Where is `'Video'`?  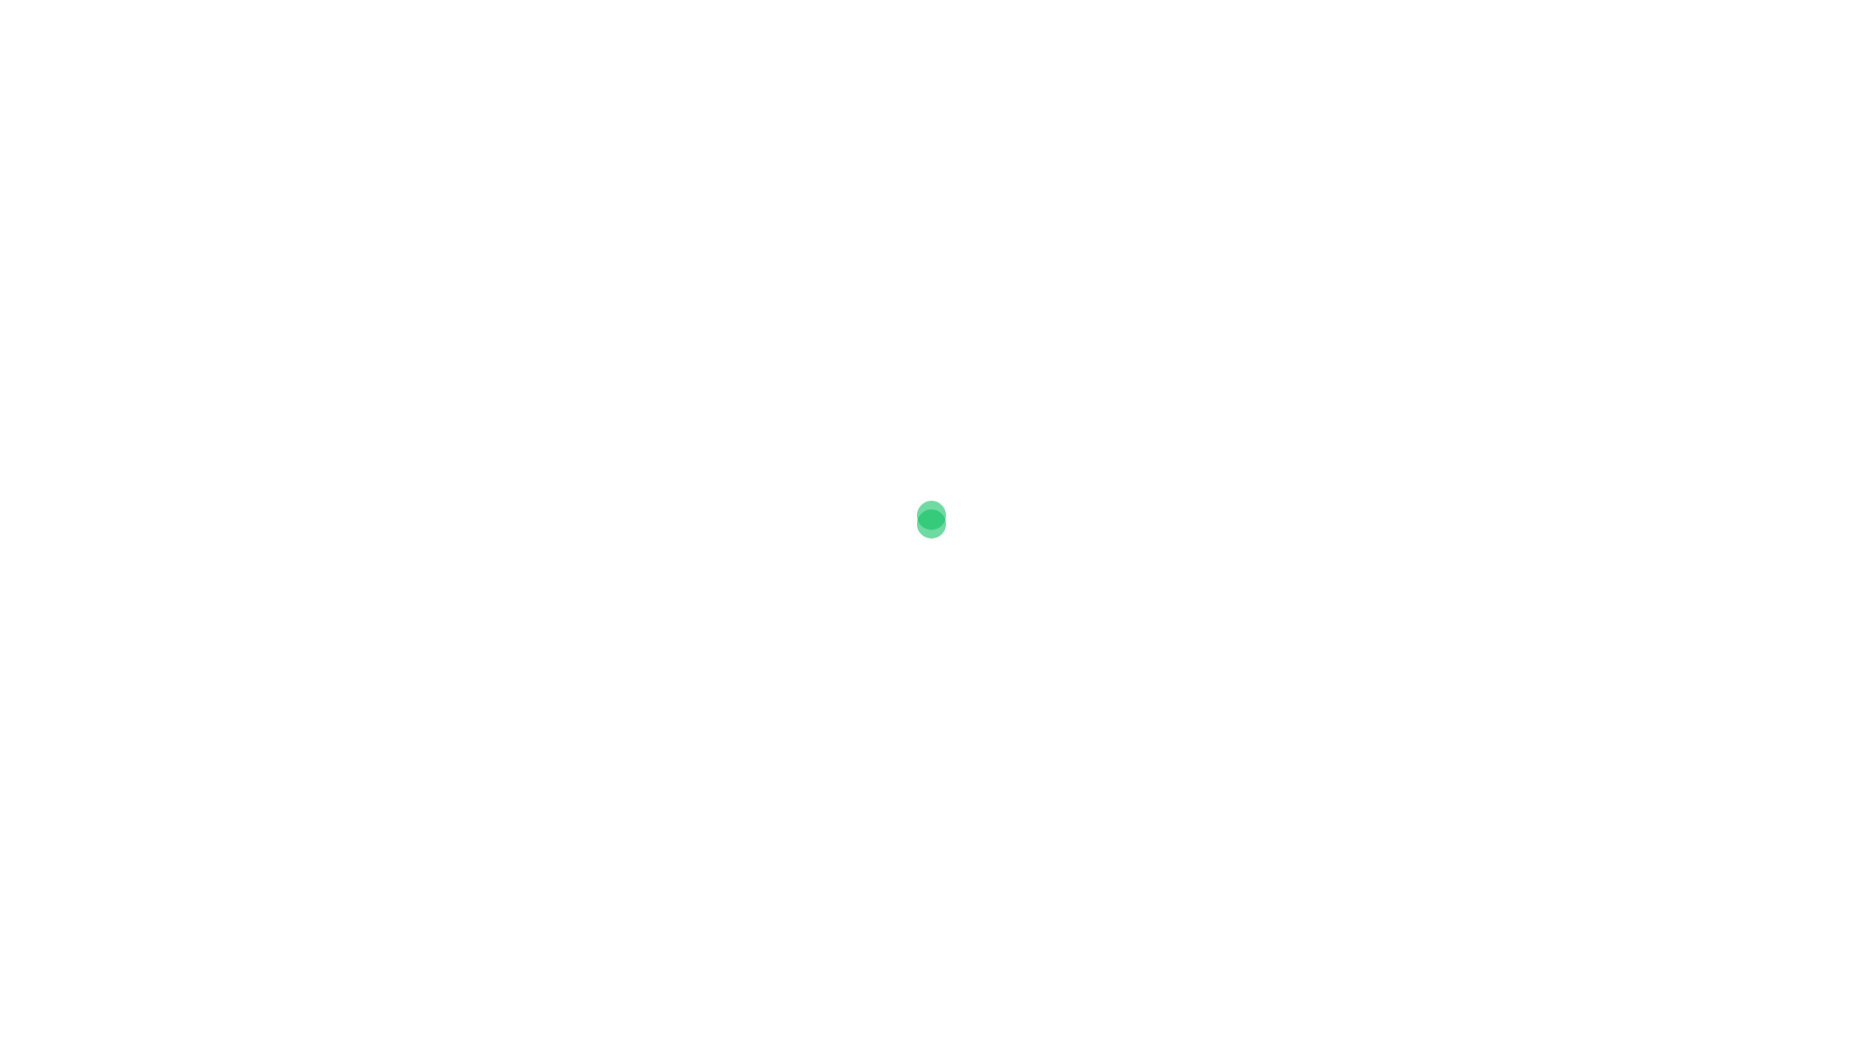
'Video' is located at coordinates (1285, 34).